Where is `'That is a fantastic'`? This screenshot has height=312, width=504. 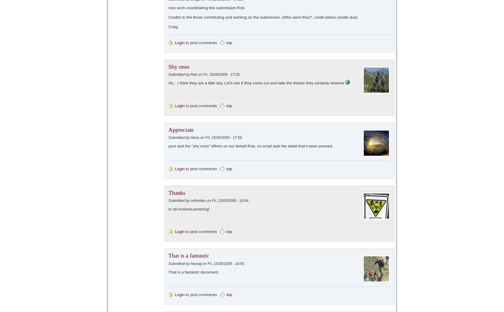
'That is a fantastic' is located at coordinates (188, 255).